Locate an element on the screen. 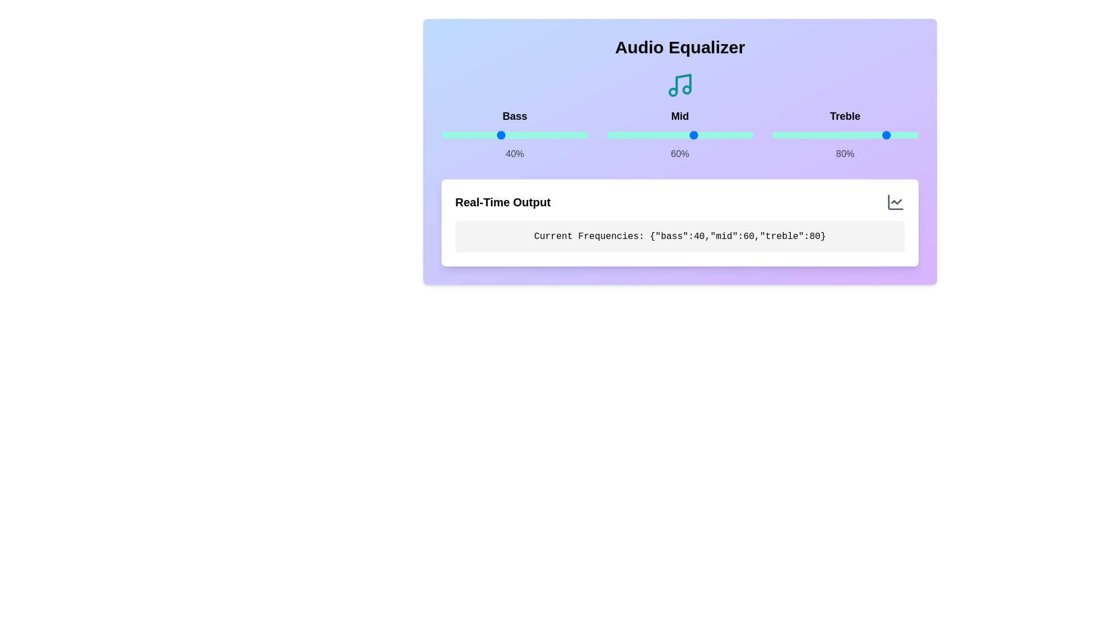 This screenshot has height=619, width=1101. bass level is located at coordinates (494, 134).